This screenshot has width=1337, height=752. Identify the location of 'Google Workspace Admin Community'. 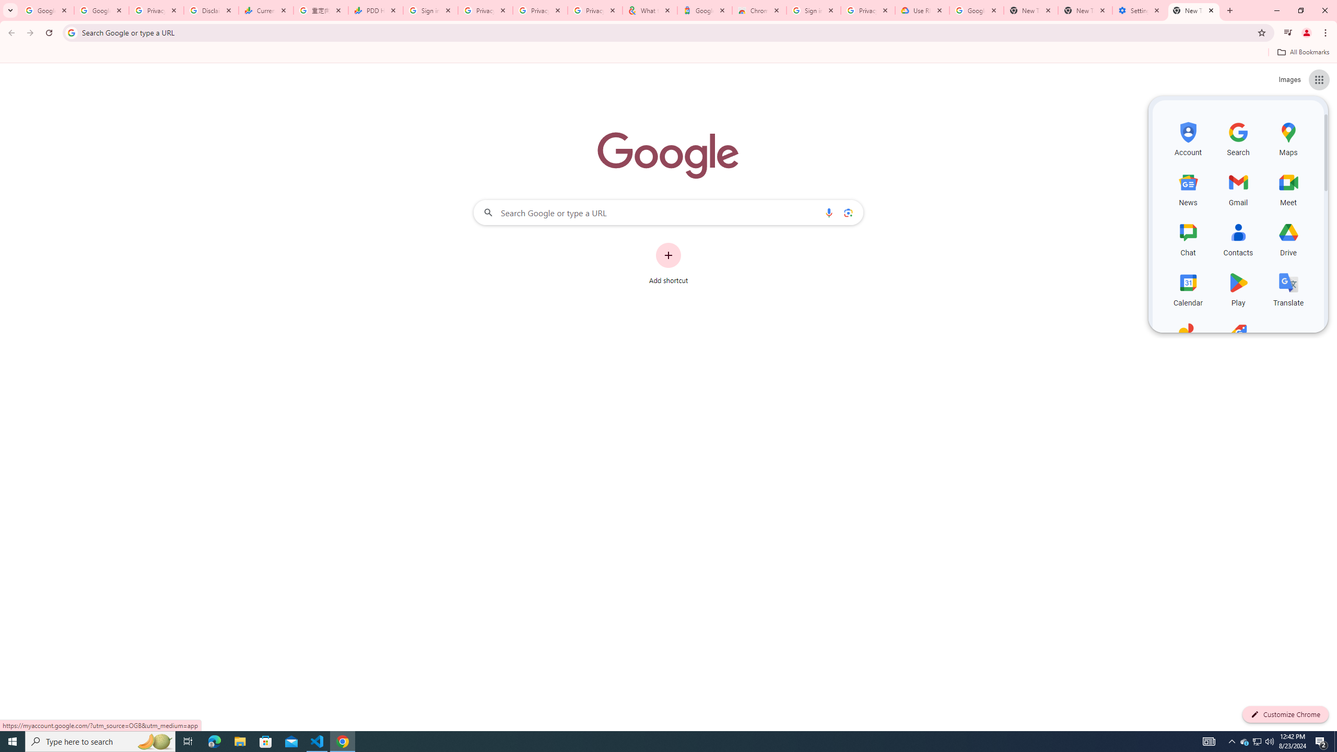
(46, 10).